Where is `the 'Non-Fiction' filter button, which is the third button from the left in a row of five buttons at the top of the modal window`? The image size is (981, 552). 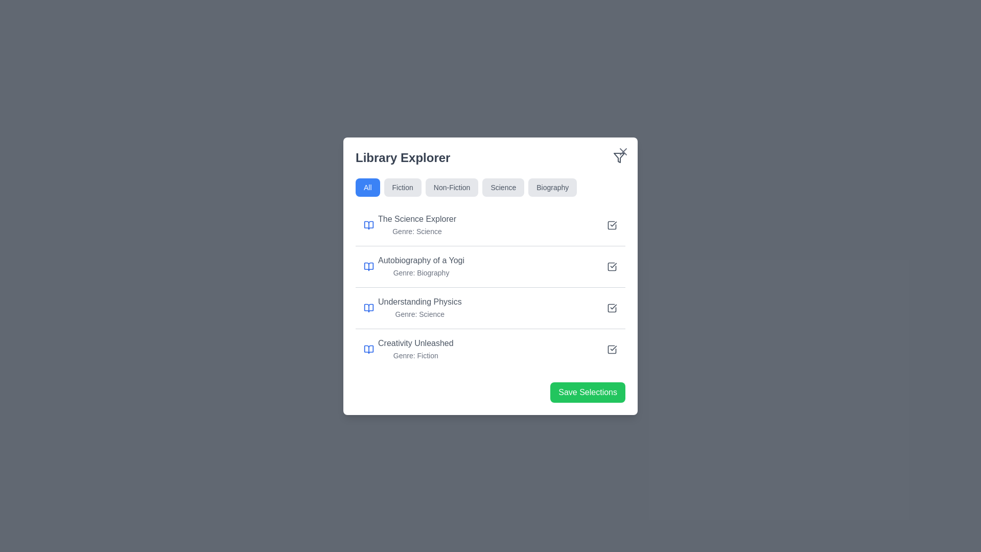
the 'Non-Fiction' filter button, which is the third button from the left in a row of five buttons at the top of the modal window is located at coordinates (451, 187).